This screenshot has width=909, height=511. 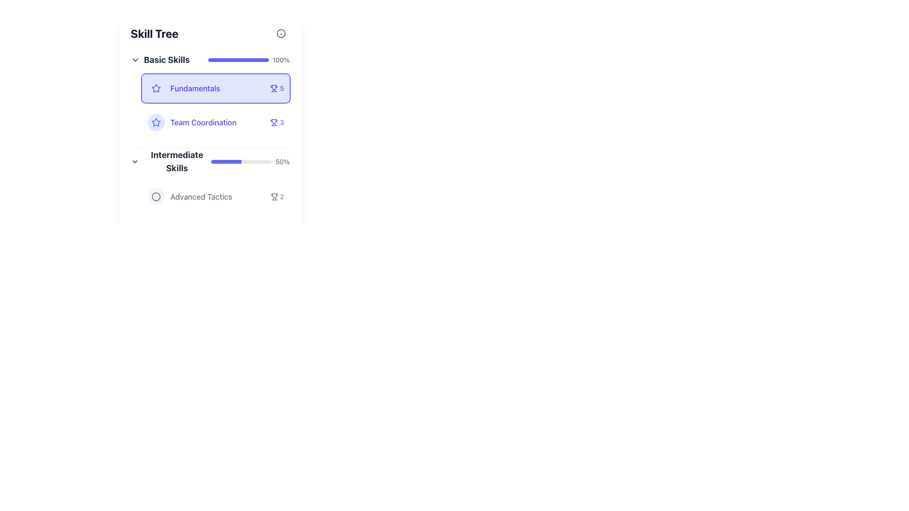 I want to click on the Circular Button or Icon with a light gray background and dark gray border located in the 'Intermediate Skills' section, adjacent to 'Advanced Tactics', so click(x=156, y=196).